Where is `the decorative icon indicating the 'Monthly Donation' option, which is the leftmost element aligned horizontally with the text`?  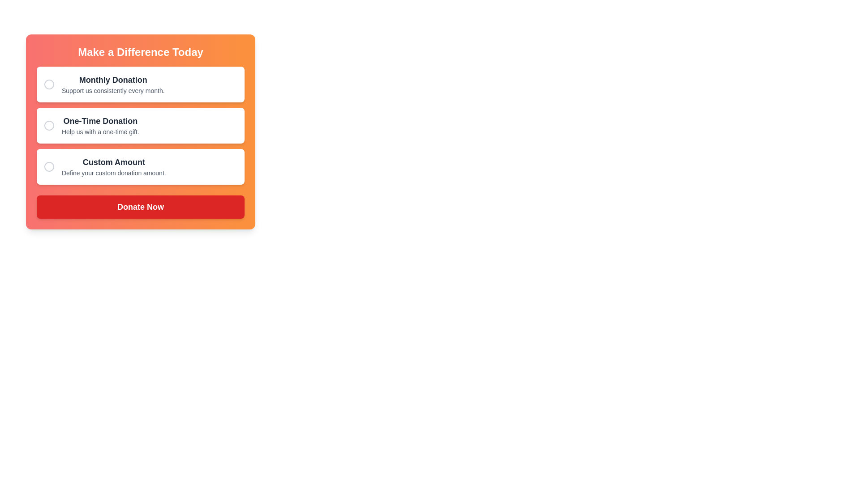
the decorative icon indicating the 'Monthly Donation' option, which is the leftmost element aligned horizontally with the text is located at coordinates (49, 85).